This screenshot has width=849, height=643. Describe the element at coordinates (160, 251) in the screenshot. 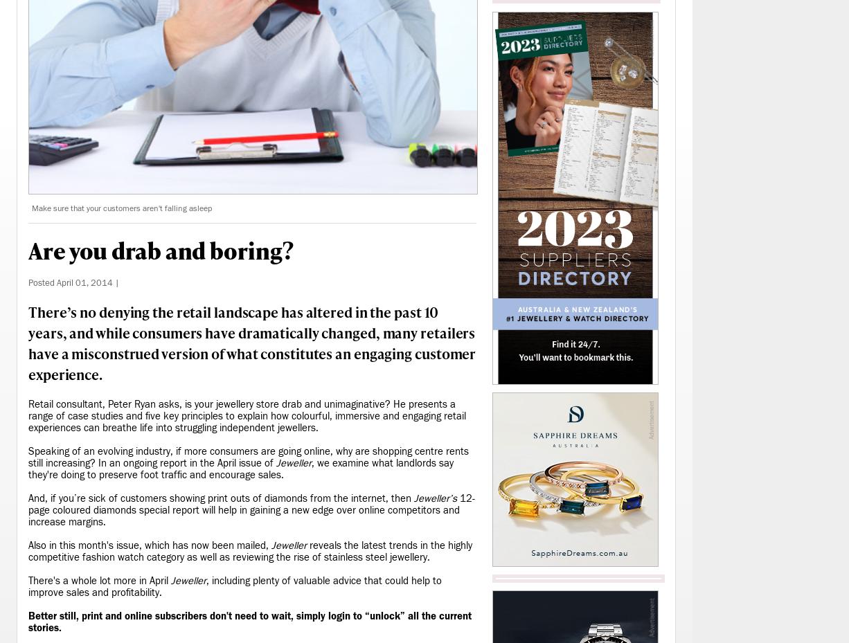

I see `'Are you drab and boring?'` at that location.